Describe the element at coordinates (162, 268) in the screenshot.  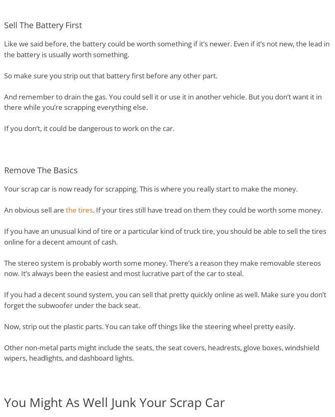
I see `'The stereo system is probably worth some money. There’s a reason they make removable stereos now. It’s always been the easiest and most lucrative part of the car to steal.'` at that location.